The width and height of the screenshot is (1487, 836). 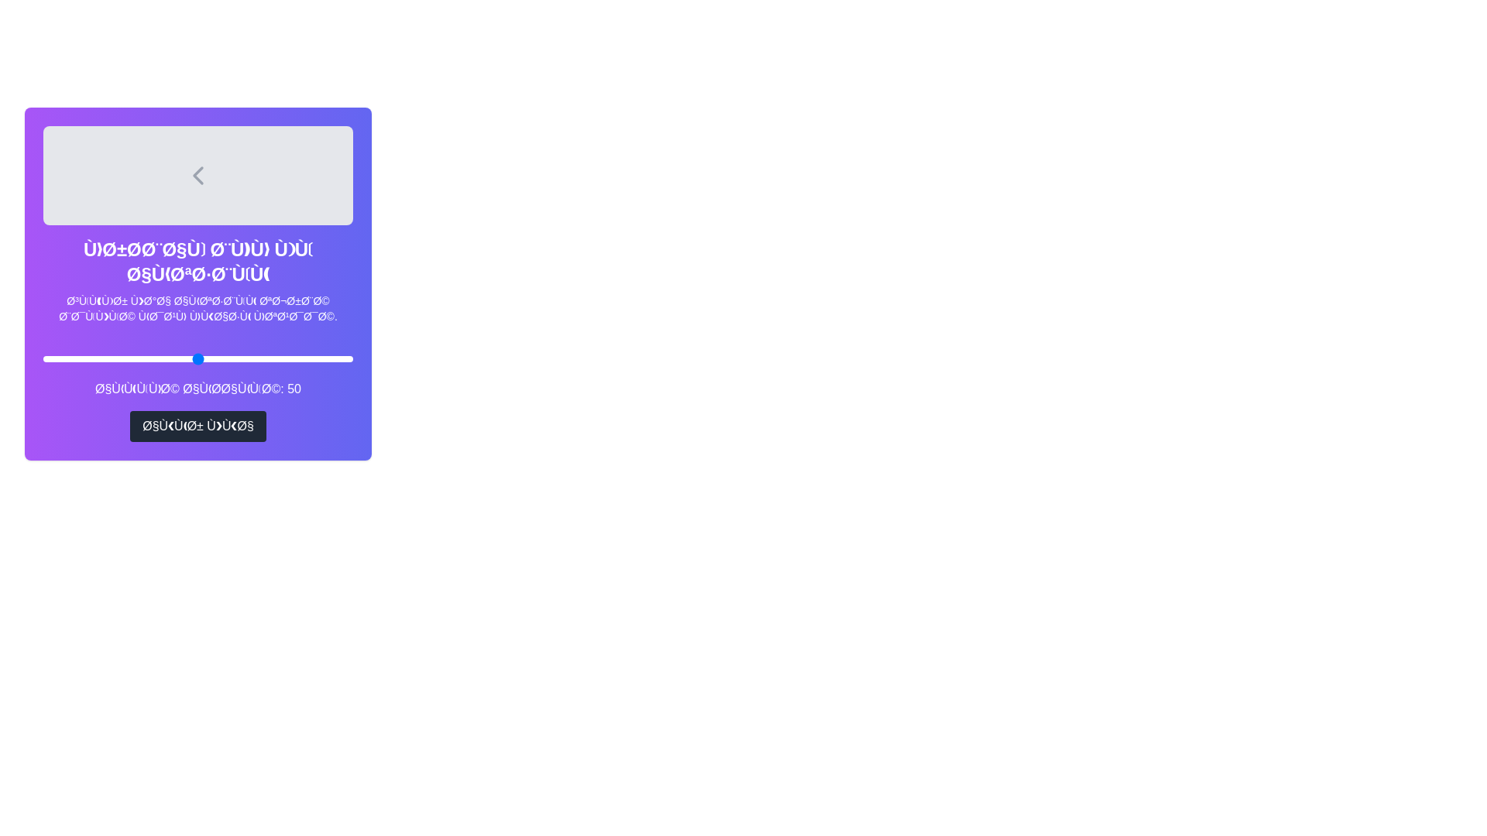 What do you see at coordinates (120, 358) in the screenshot?
I see `the slider value` at bounding box center [120, 358].